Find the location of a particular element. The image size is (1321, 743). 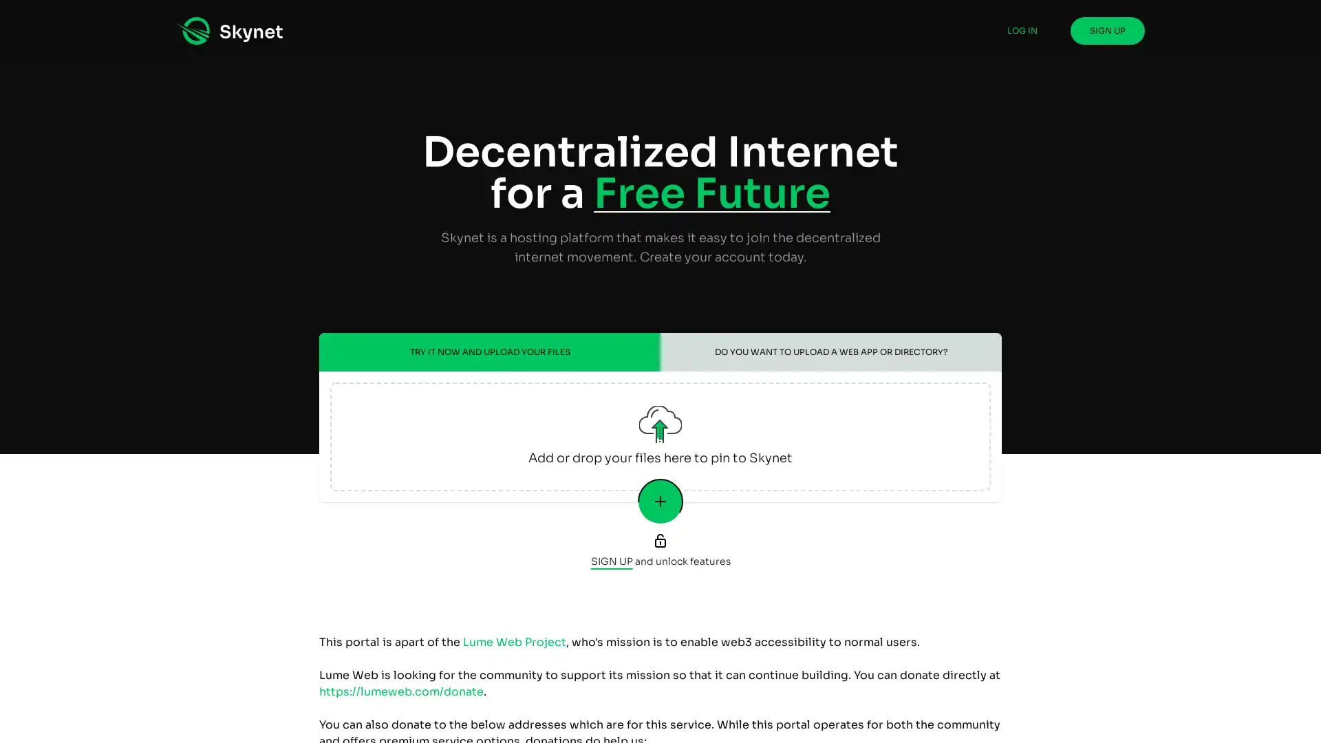

TRY IT NOW AND UPLOAD YOUR FILES is located at coordinates (489, 352).